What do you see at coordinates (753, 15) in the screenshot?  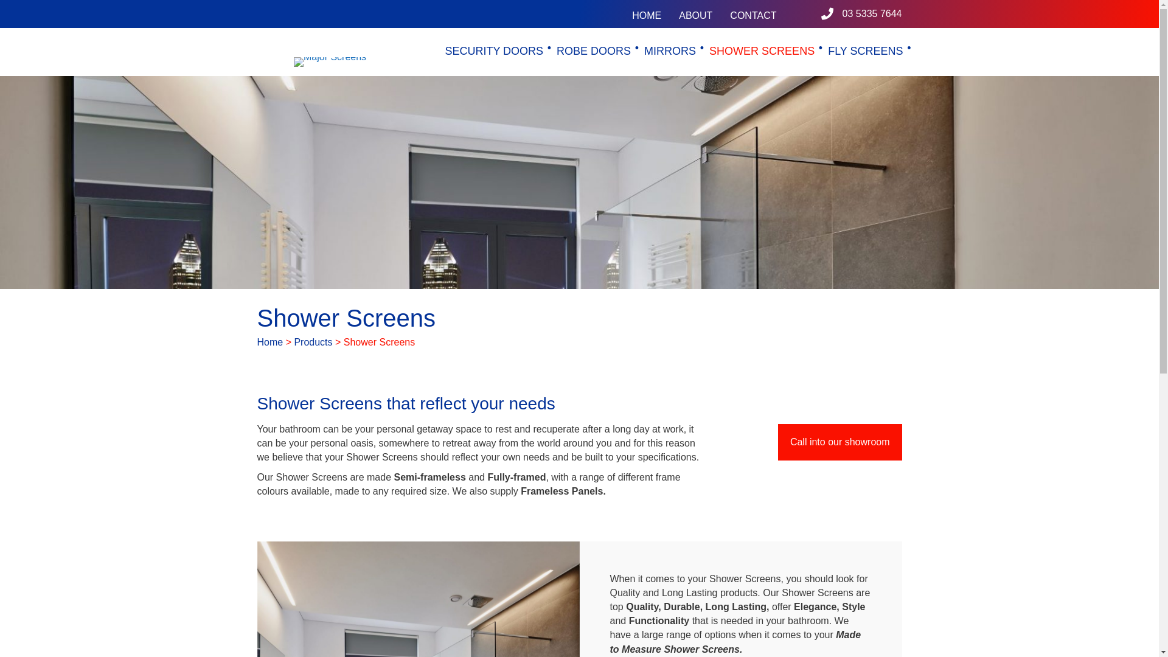 I see `'CONTACT'` at bounding box center [753, 15].